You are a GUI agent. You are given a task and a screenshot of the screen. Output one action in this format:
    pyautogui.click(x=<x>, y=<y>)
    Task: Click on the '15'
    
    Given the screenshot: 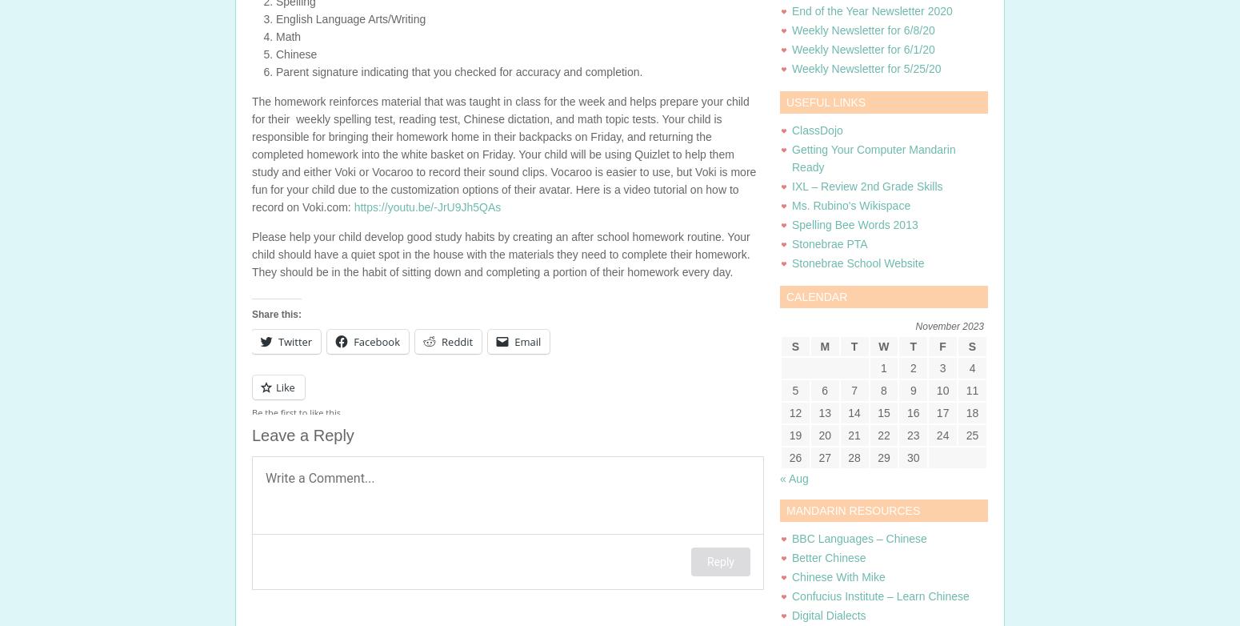 What is the action you would take?
    pyautogui.click(x=882, y=412)
    